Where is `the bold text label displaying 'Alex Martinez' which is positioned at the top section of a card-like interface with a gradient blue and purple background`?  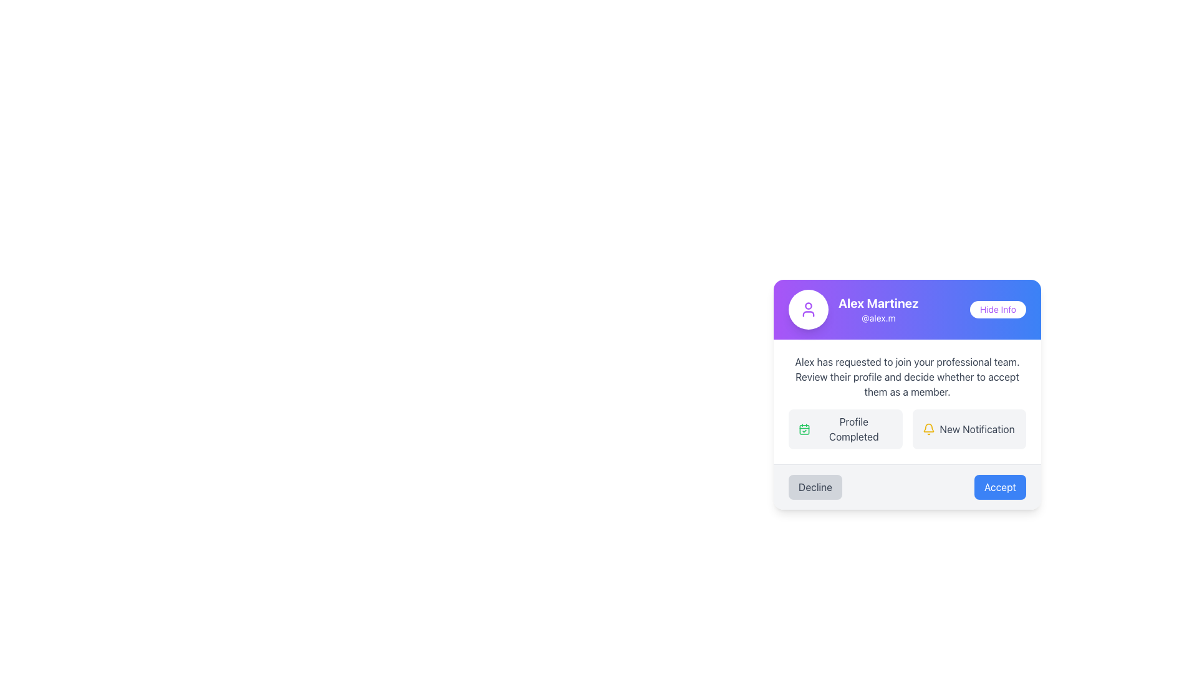 the bold text label displaying 'Alex Martinez' which is positioned at the top section of a card-like interface with a gradient blue and purple background is located at coordinates (878, 303).